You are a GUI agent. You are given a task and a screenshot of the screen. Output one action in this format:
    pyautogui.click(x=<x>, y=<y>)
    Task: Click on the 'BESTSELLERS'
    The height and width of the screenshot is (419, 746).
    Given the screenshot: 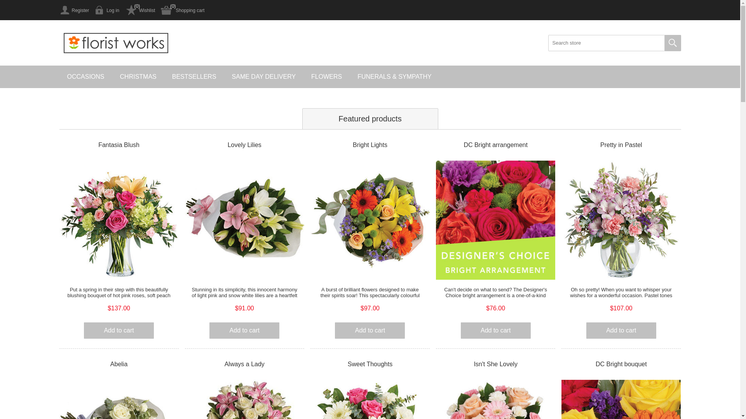 What is the action you would take?
    pyautogui.click(x=194, y=76)
    